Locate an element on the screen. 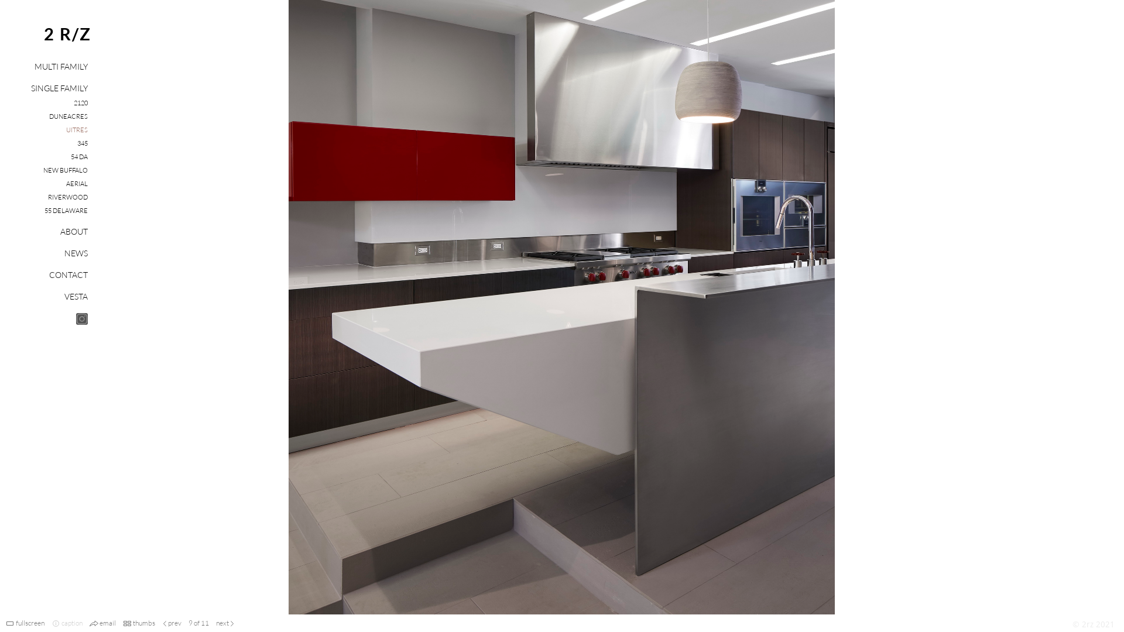 The height and width of the screenshot is (632, 1124). 'SINGLE FAMILY' is located at coordinates (59, 87).